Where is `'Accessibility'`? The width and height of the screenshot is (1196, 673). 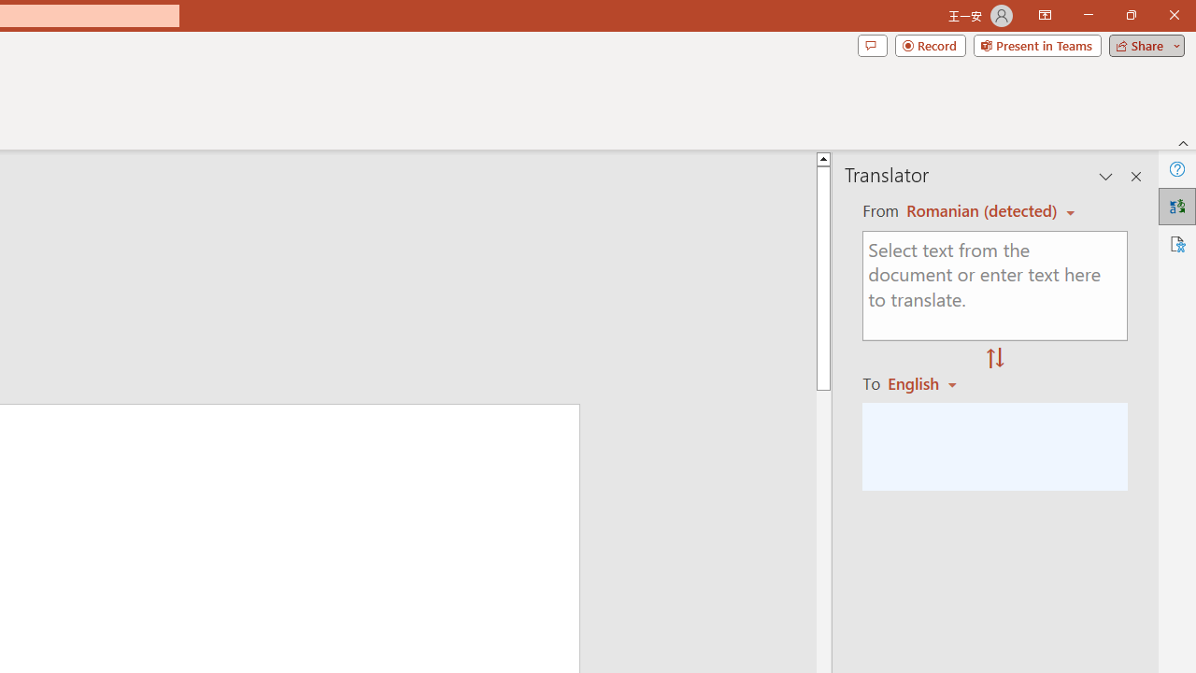 'Accessibility' is located at coordinates (1176, 243).